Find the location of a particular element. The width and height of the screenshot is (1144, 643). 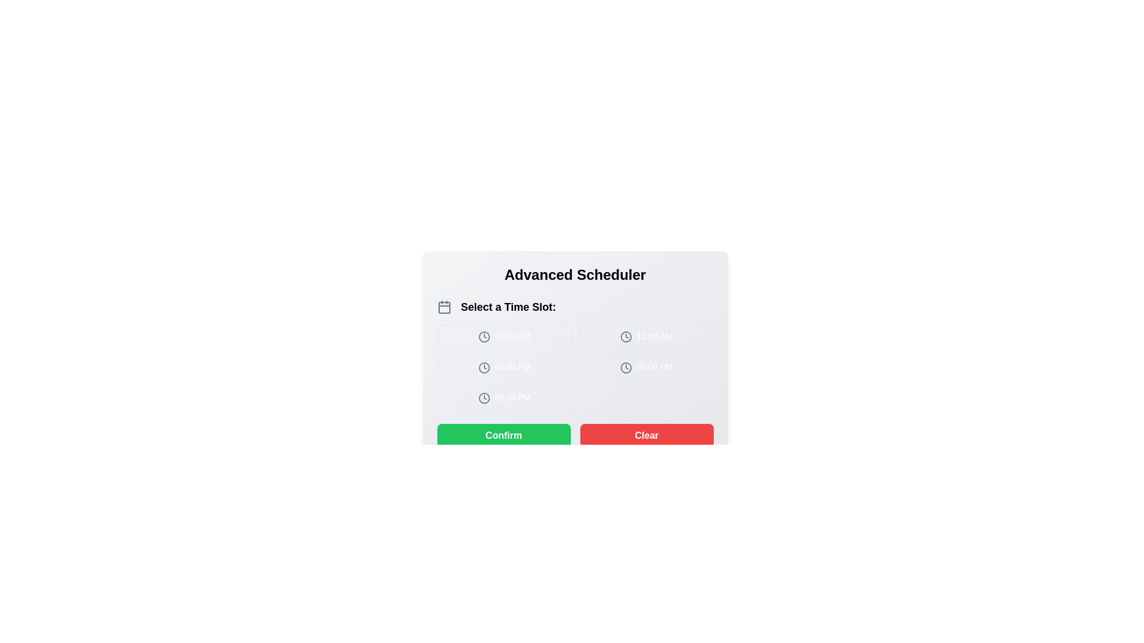

the time indicator icon located to the left of the '09:00 AM' label within the first selectable time slot button in the scheduler section is located at coordinates (484, 337).